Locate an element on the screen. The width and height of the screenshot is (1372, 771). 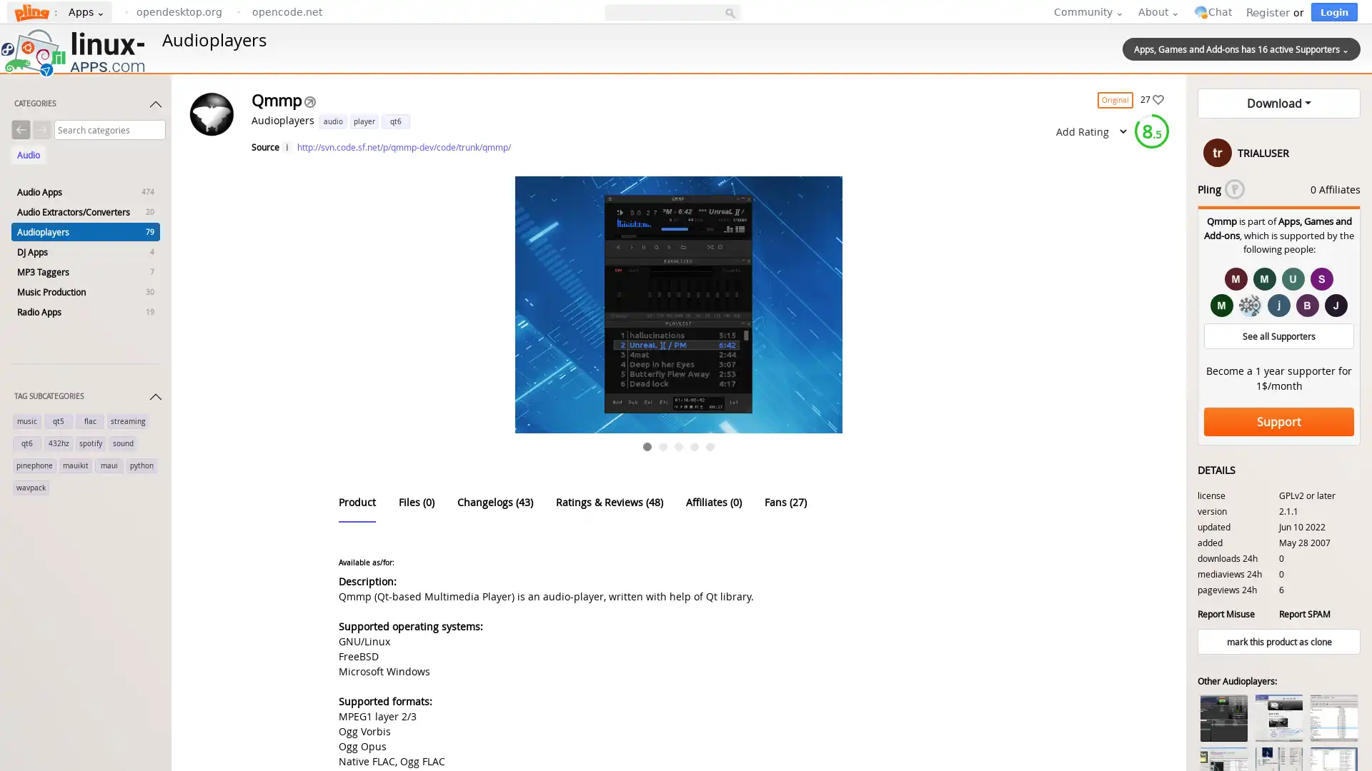
Go to slide 4 is located at coordinates (695, 445).